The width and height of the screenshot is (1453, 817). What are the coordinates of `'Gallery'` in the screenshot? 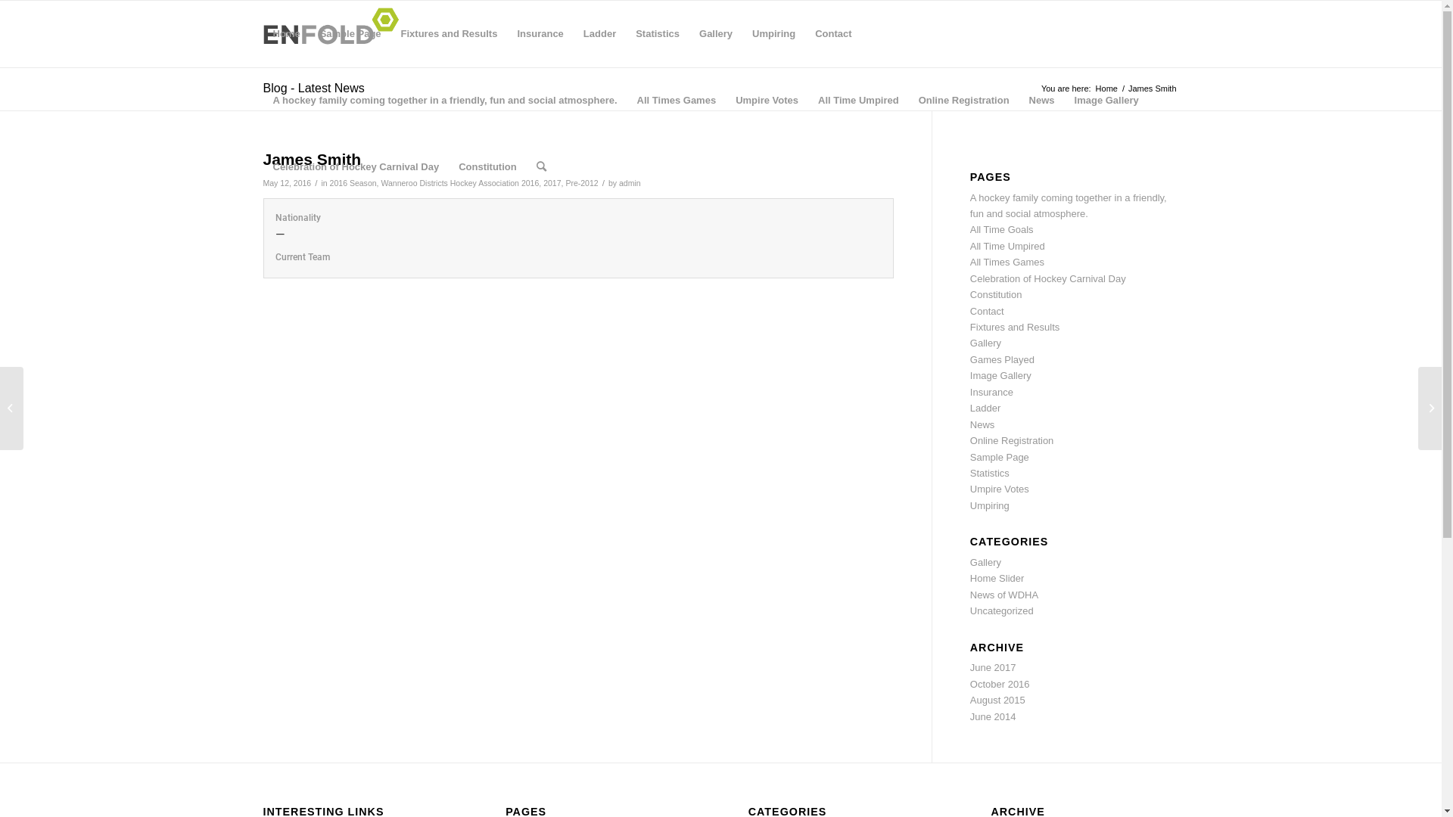 It's located at (714, 34).